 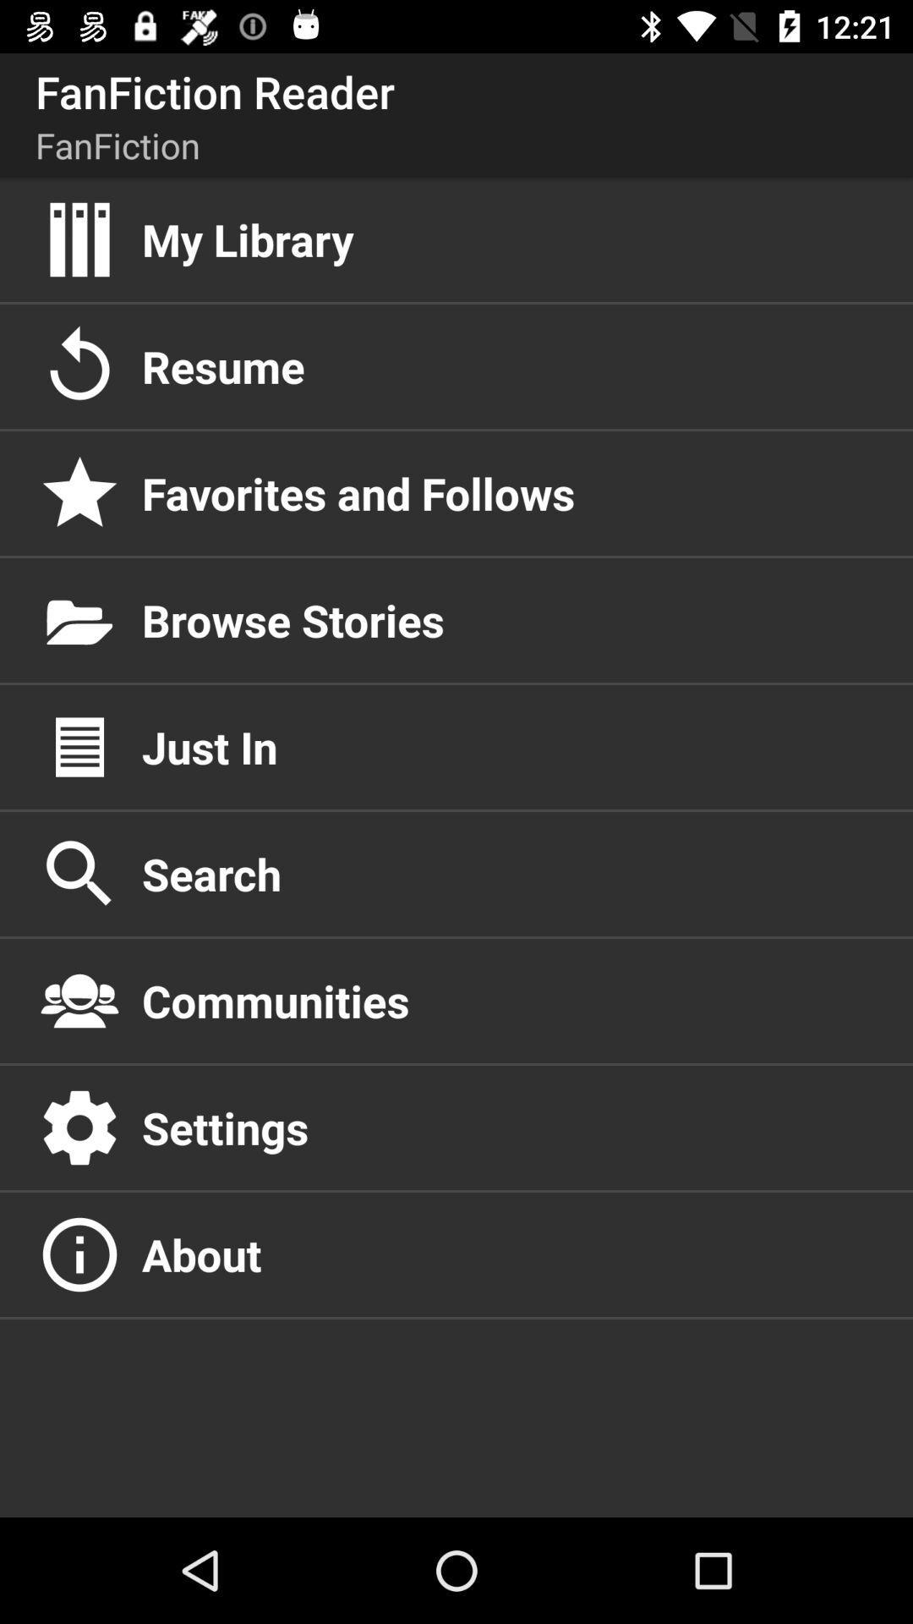 I want to click on the communities icon, so click(x=508, y=1001).